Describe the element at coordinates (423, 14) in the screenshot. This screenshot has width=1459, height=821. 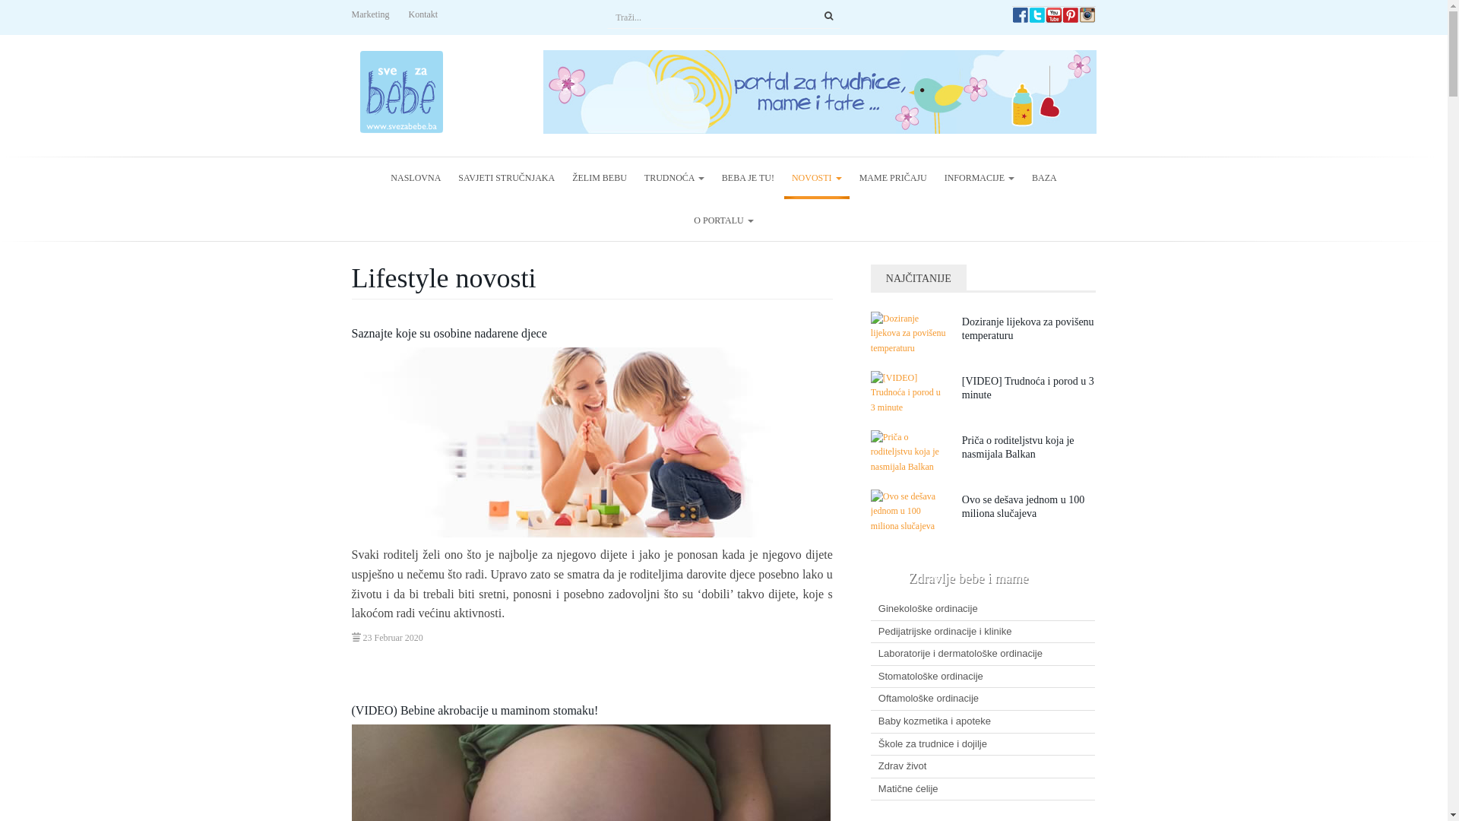
I see `'Kontakt'` at that location.